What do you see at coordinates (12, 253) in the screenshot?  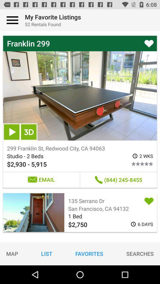 I see `the map` at bounding box center [12, 253].